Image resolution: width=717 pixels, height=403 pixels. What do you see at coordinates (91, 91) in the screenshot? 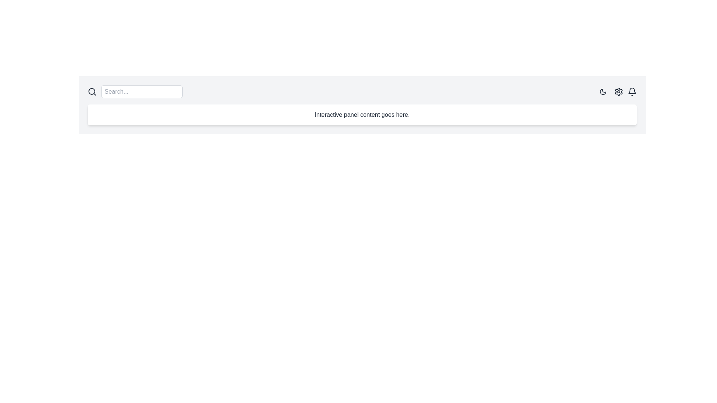
I see `the central circular SVG element within the search icon located to the left of the search input field` at bounding box center [91, 91].